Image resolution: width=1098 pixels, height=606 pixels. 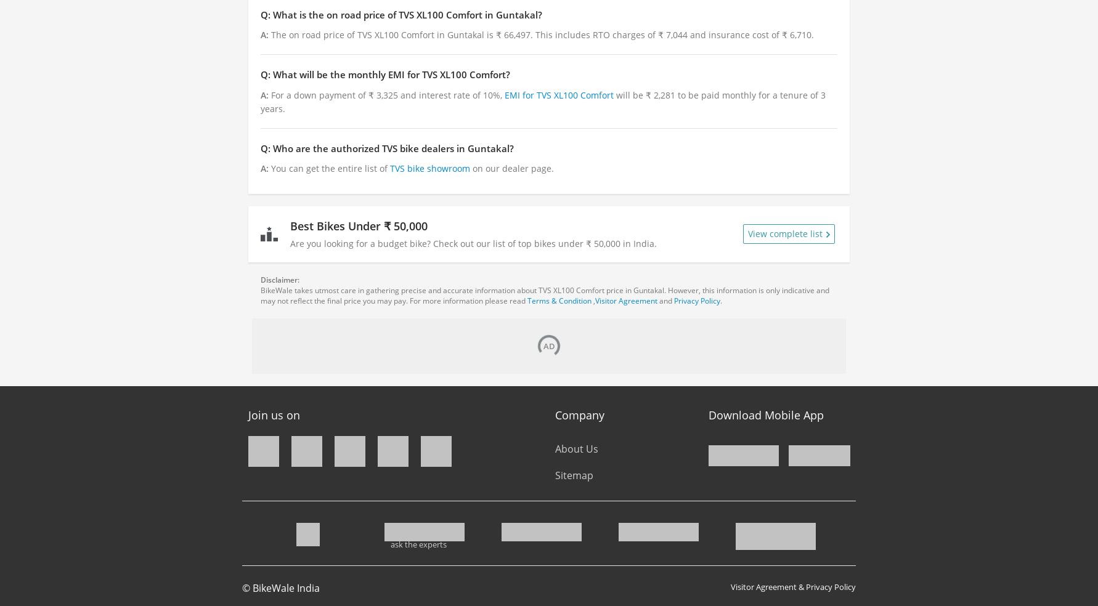 I want to click on 'Download Mobile App', so click(x=765, y=414).